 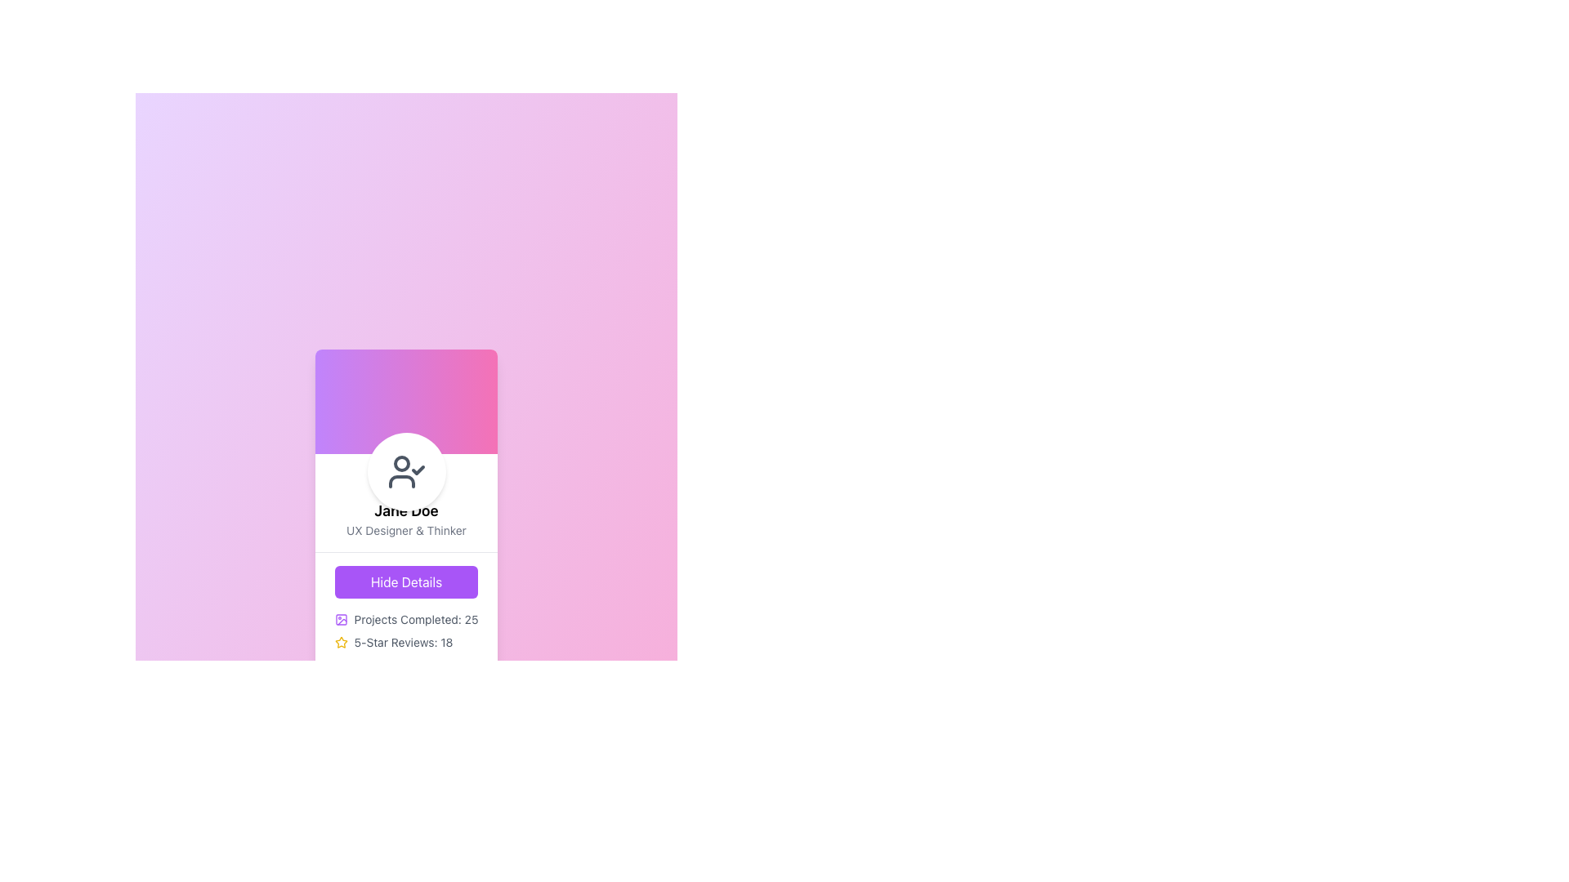 I want to click on the 'Hide Details' button with a purple background and white text, so click(x=406, y=581).